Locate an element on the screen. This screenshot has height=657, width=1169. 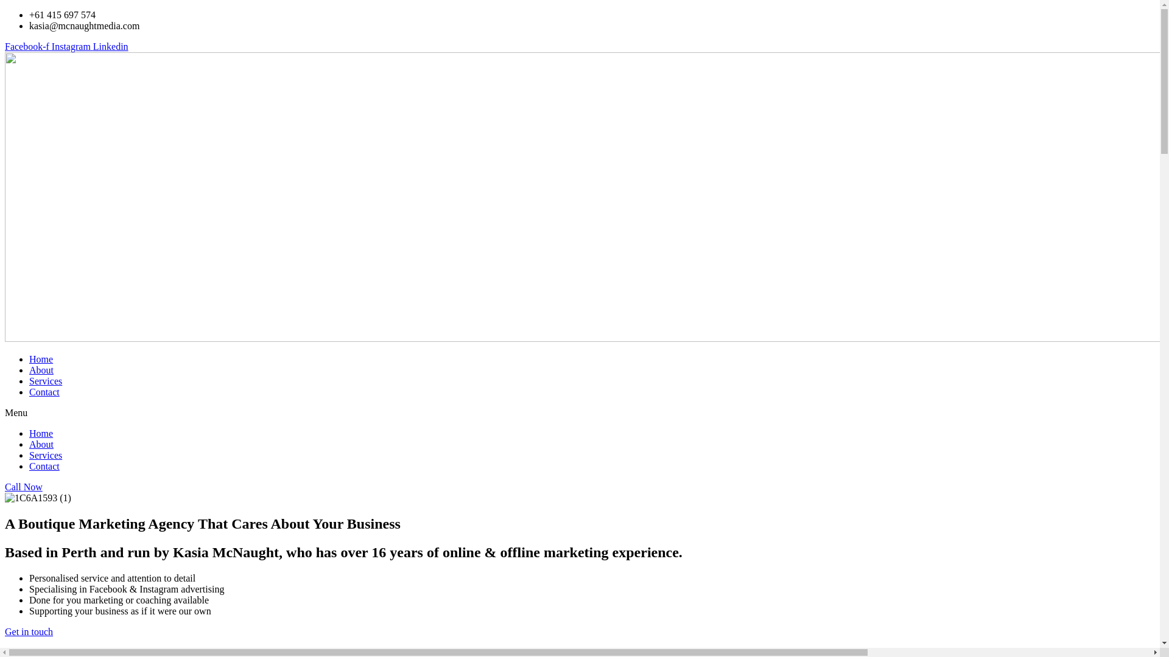
'Services' is located at coordinates (46, 380).